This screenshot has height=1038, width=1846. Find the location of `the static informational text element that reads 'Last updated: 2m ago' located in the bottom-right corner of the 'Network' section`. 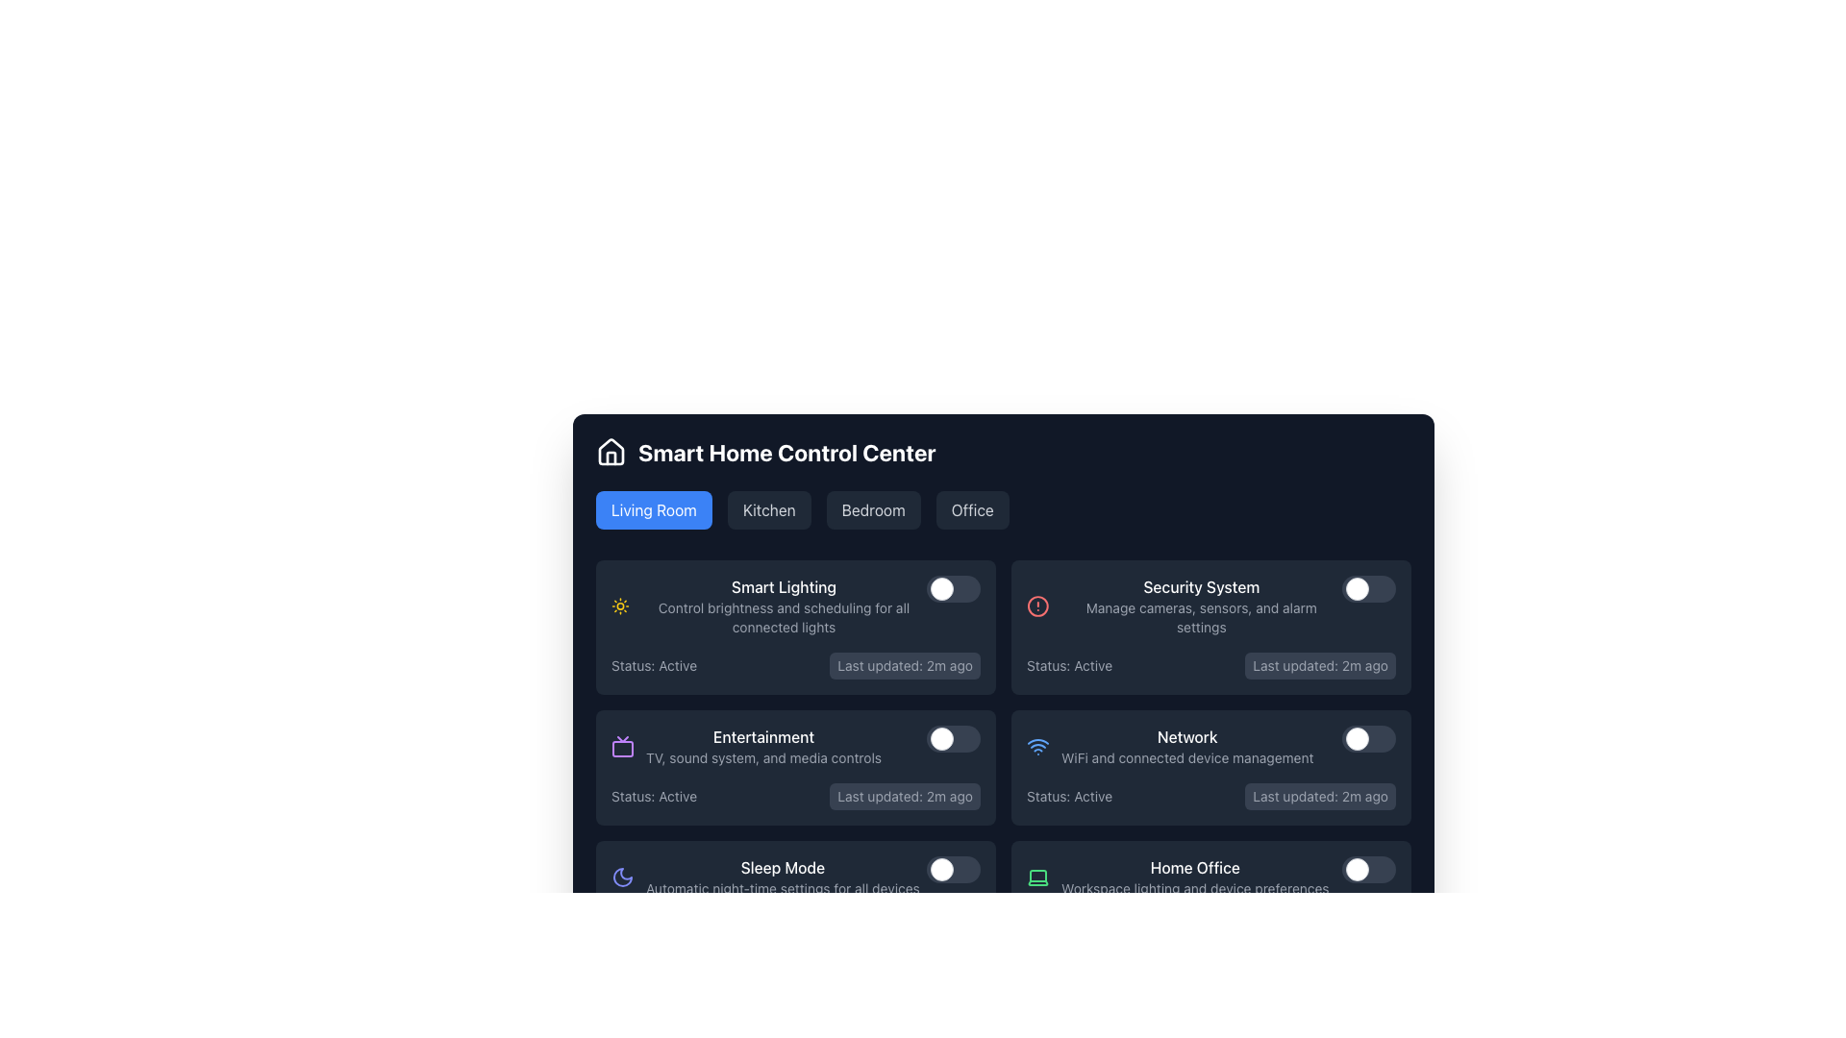

the static informational text element that reads 'Last updated: 2m ago' located in the bottom-right corner of the 'Network' section is located at coordinates (1319, 797).